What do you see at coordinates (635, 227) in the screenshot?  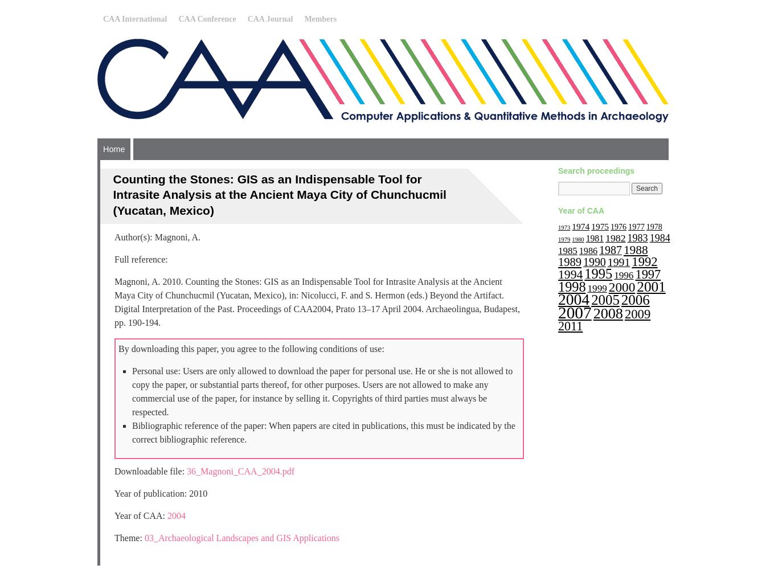 I see `'1977'` at bounding box center [635, 227].